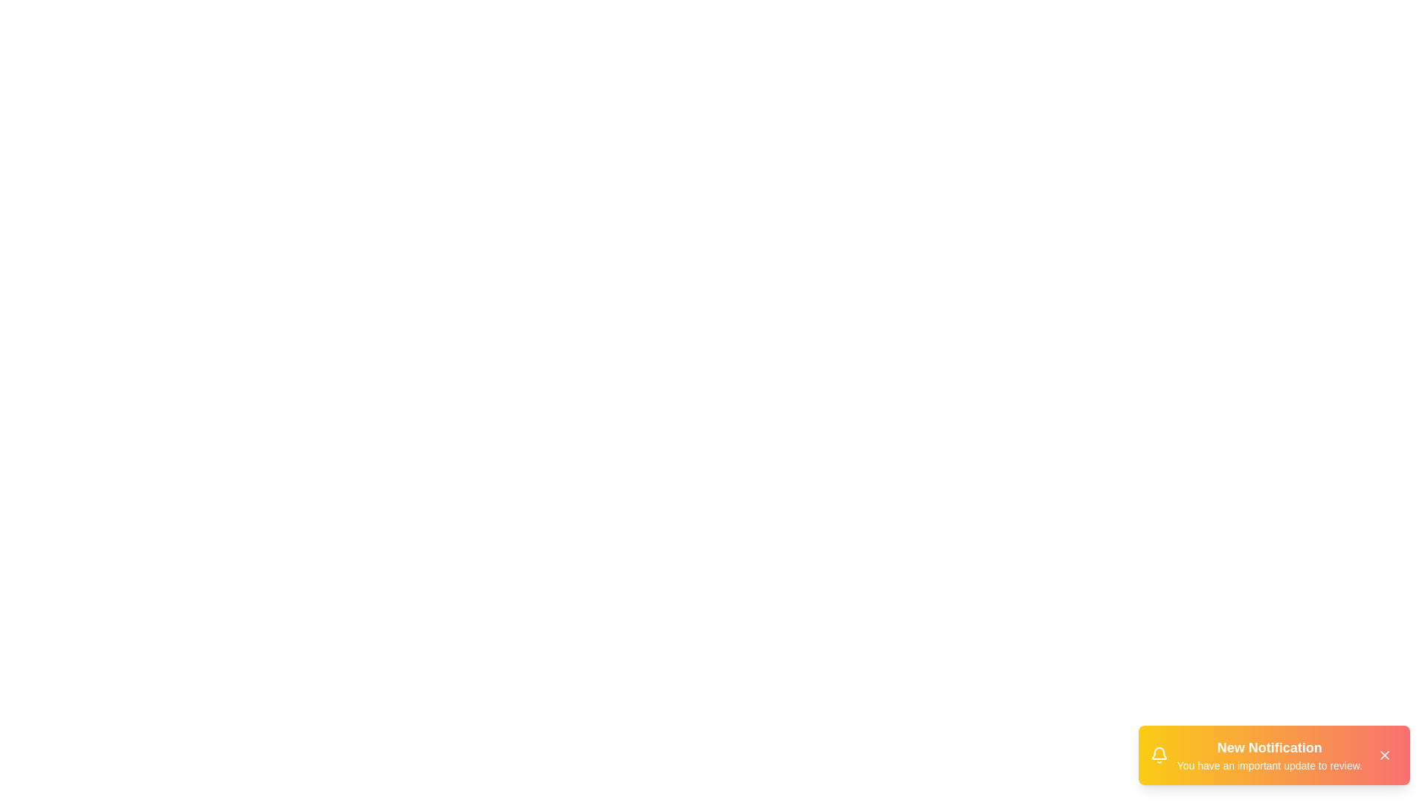 This screenshot has width=1428, height=803. Describe the element at coordinates (1158, 755) in the screenshot. I see `the notification icon to bring focus` at that location.